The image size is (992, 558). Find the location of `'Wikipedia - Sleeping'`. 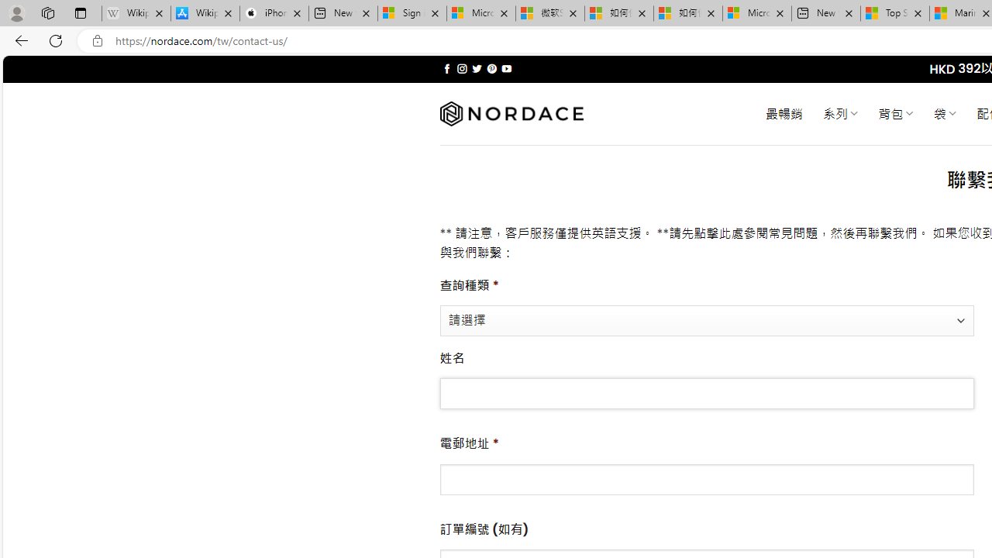

'Wikipedia - Sleeping' is located at coordinates (136, 13).